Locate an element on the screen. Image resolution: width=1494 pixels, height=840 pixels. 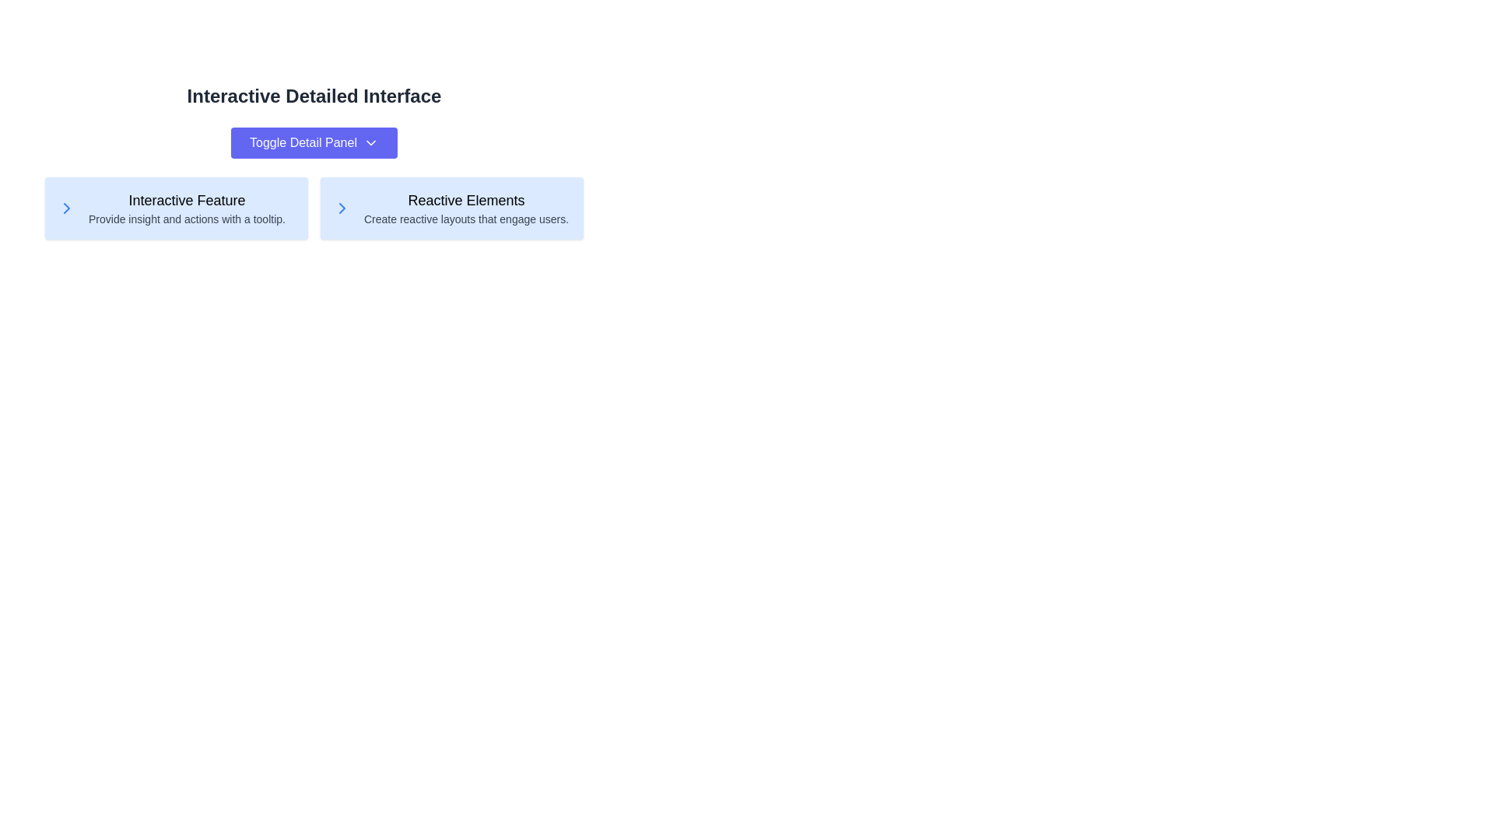
the right-facing chevron icon with a blue color located within the 'Reactive Elements' section, positioned near the center vertically and aligned to the left horizontally is located at coordinates (342, 207).